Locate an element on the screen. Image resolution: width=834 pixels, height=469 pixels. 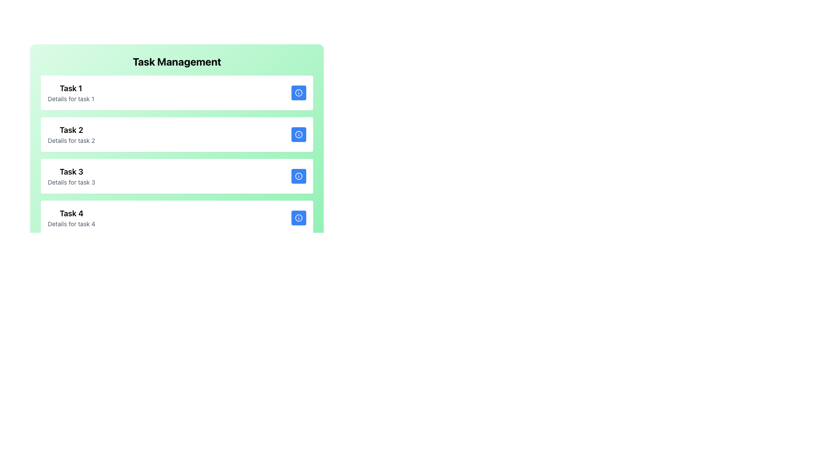
the circular blue information icon on the right side of 'Task 3' in the task list is located at coordinates (298, 176).